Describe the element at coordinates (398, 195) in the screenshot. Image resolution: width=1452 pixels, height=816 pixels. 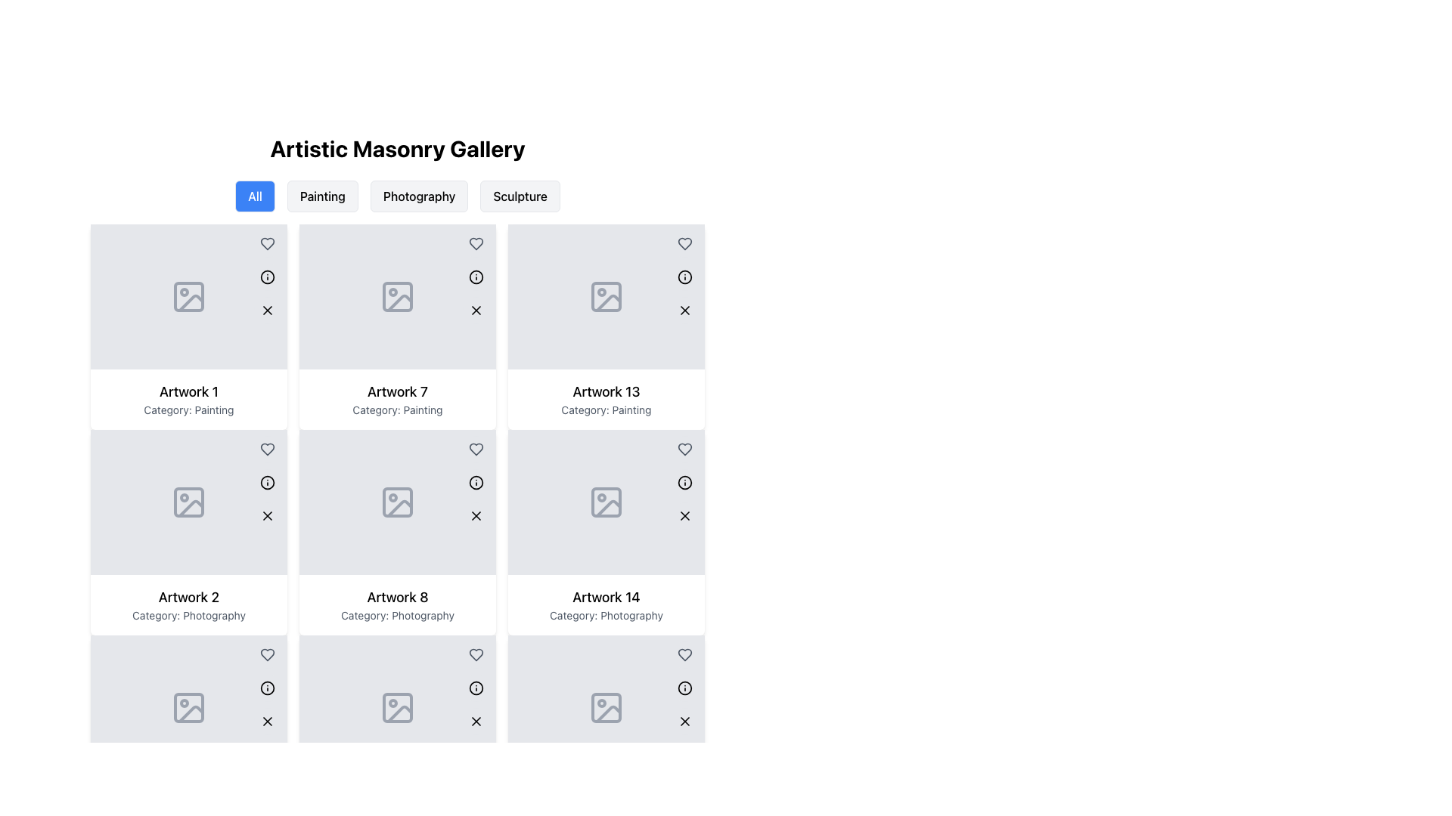
I see `the 'Photography' button in the navigation bar to filter content` at that location.